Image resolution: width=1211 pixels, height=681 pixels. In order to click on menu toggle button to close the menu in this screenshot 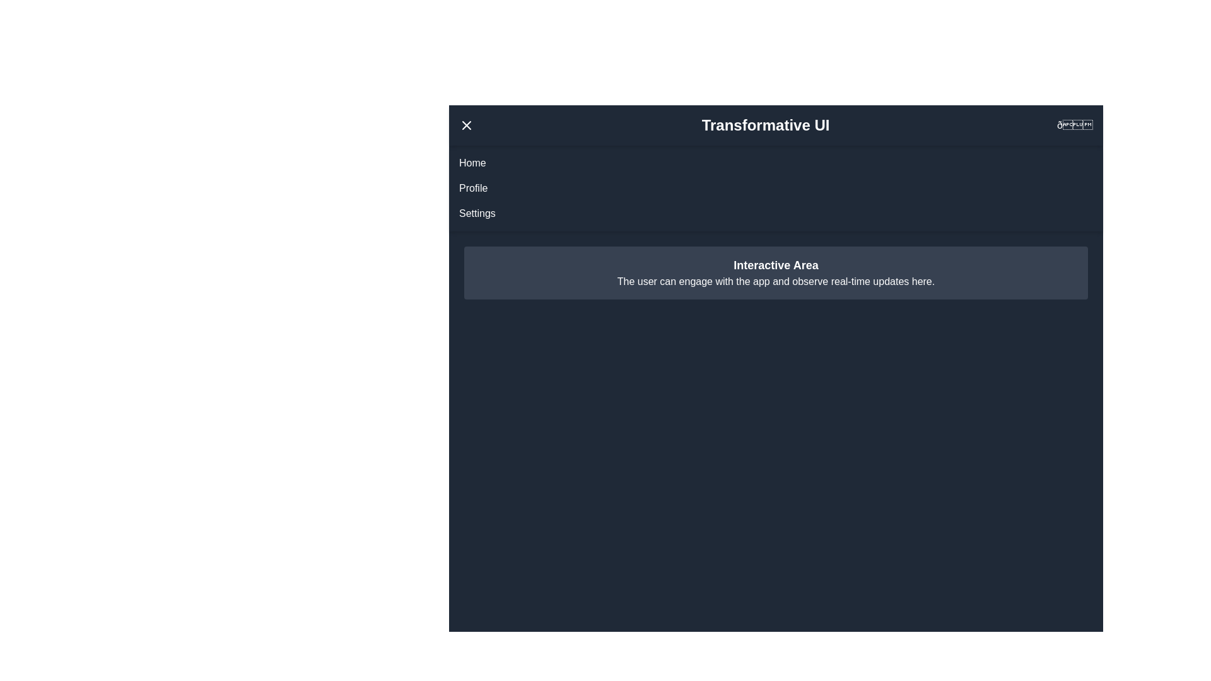, I will do `click(465, 125)`.